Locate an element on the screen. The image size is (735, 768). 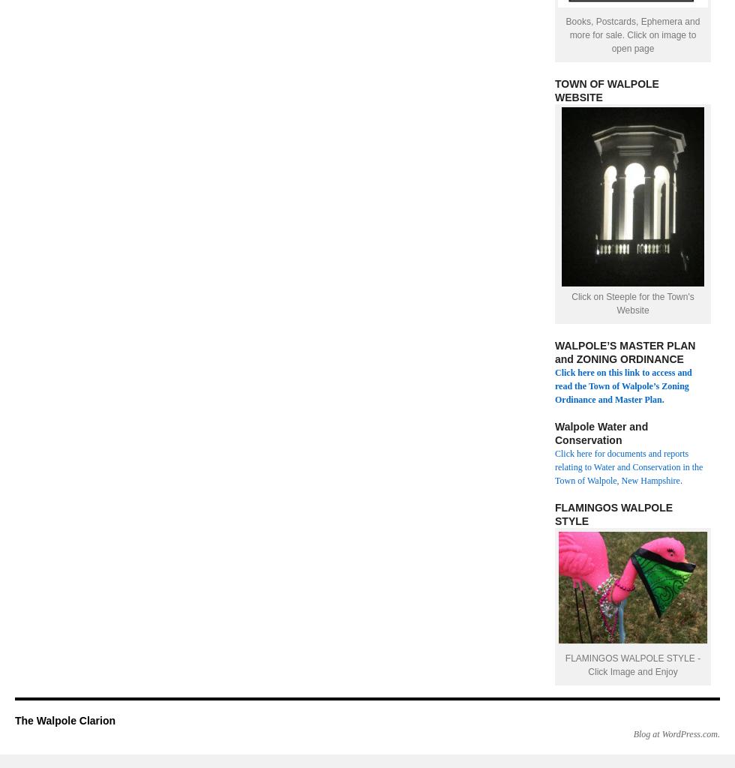
'The Walpole Clarion' is located at coordinates (65, 720).